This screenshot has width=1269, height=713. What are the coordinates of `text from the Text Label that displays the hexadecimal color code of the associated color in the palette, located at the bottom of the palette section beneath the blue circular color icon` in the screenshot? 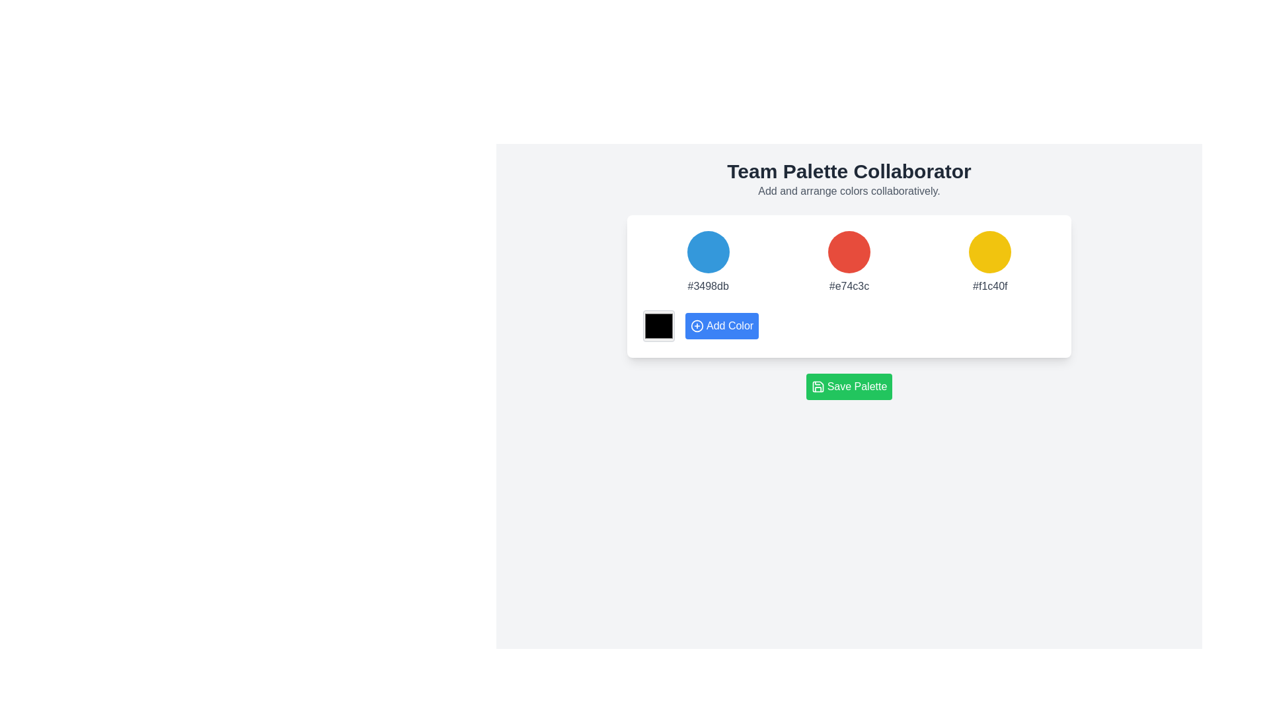 It's located at (707, 286).